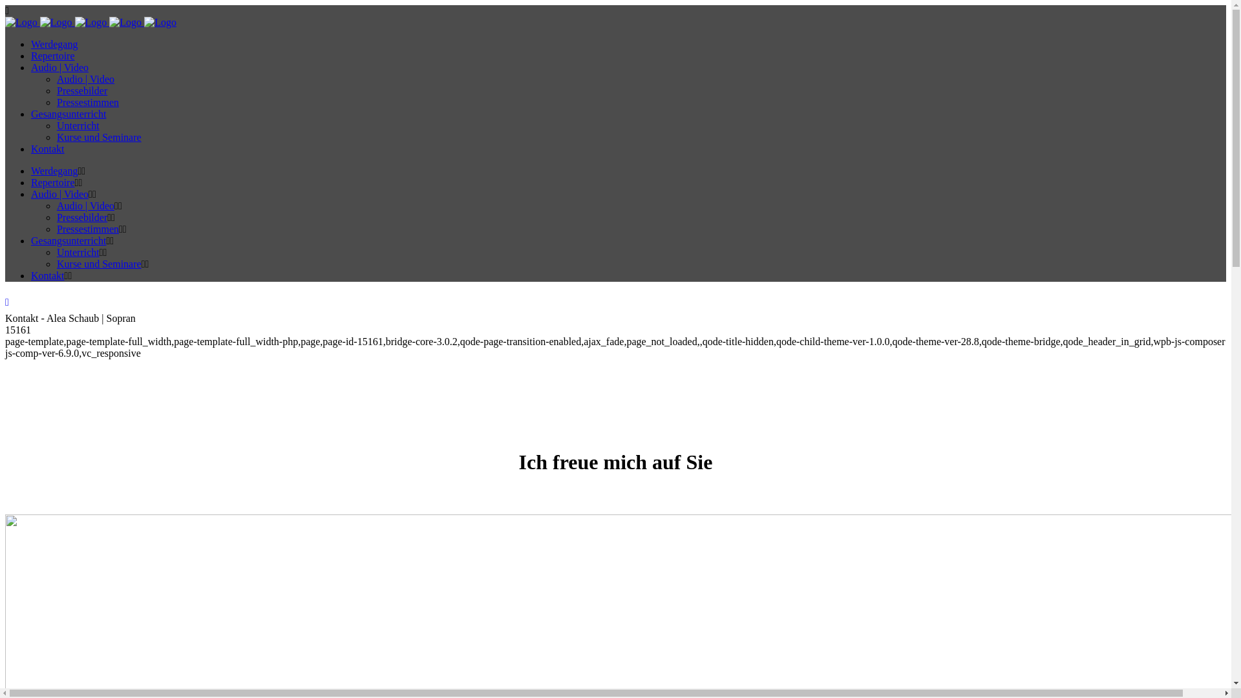 The width and height of the screenshot is (1241, 698). What do you see at coordinates (53, 170) in the screenshot?
I see `'Werdegang'` at bounding box center [53, 170].